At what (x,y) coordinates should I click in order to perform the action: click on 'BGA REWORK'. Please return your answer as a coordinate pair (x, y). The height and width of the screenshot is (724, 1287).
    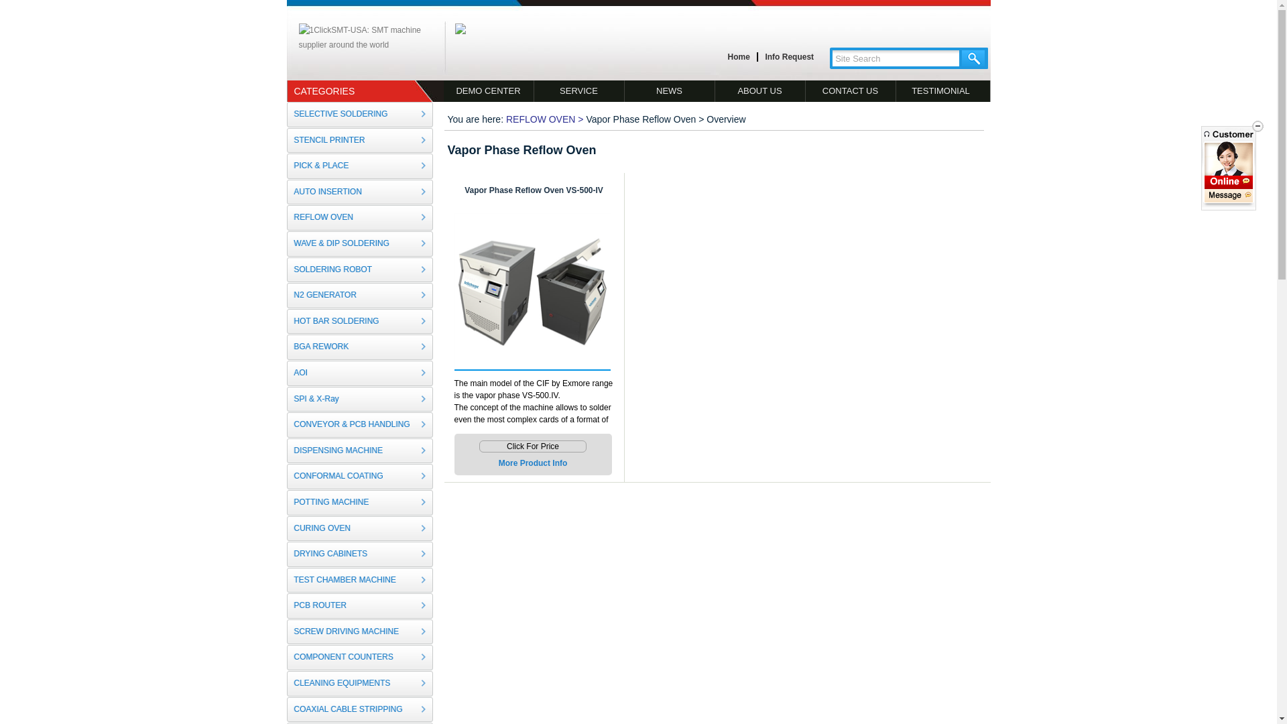
    Looking at the image, I should click on (360, 346).